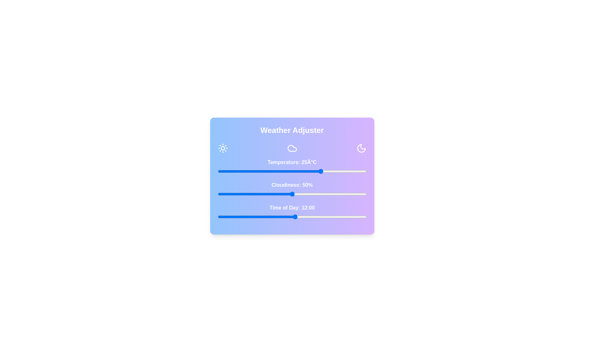 The height and width of the screenshot is (346, 616). I want to click on the cloudiness level, so click(325, 194).